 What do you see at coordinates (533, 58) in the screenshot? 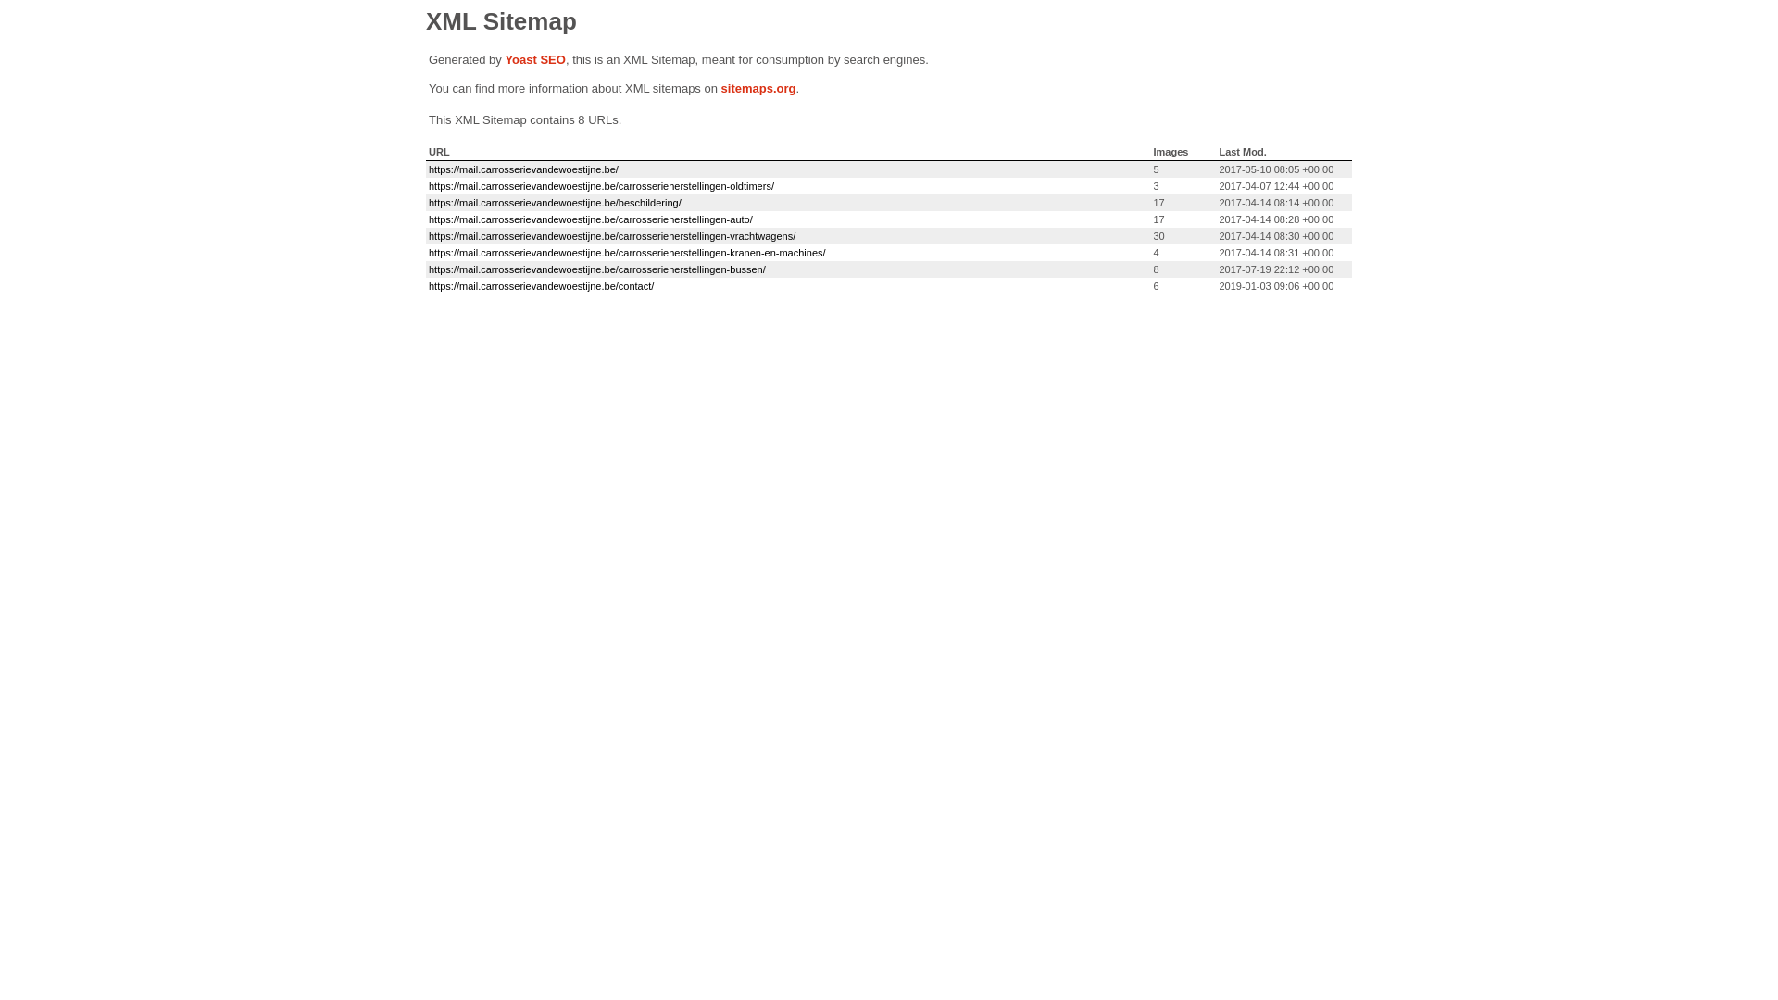
I see `'Yoast SEO'` at bounding box center [533, 58].